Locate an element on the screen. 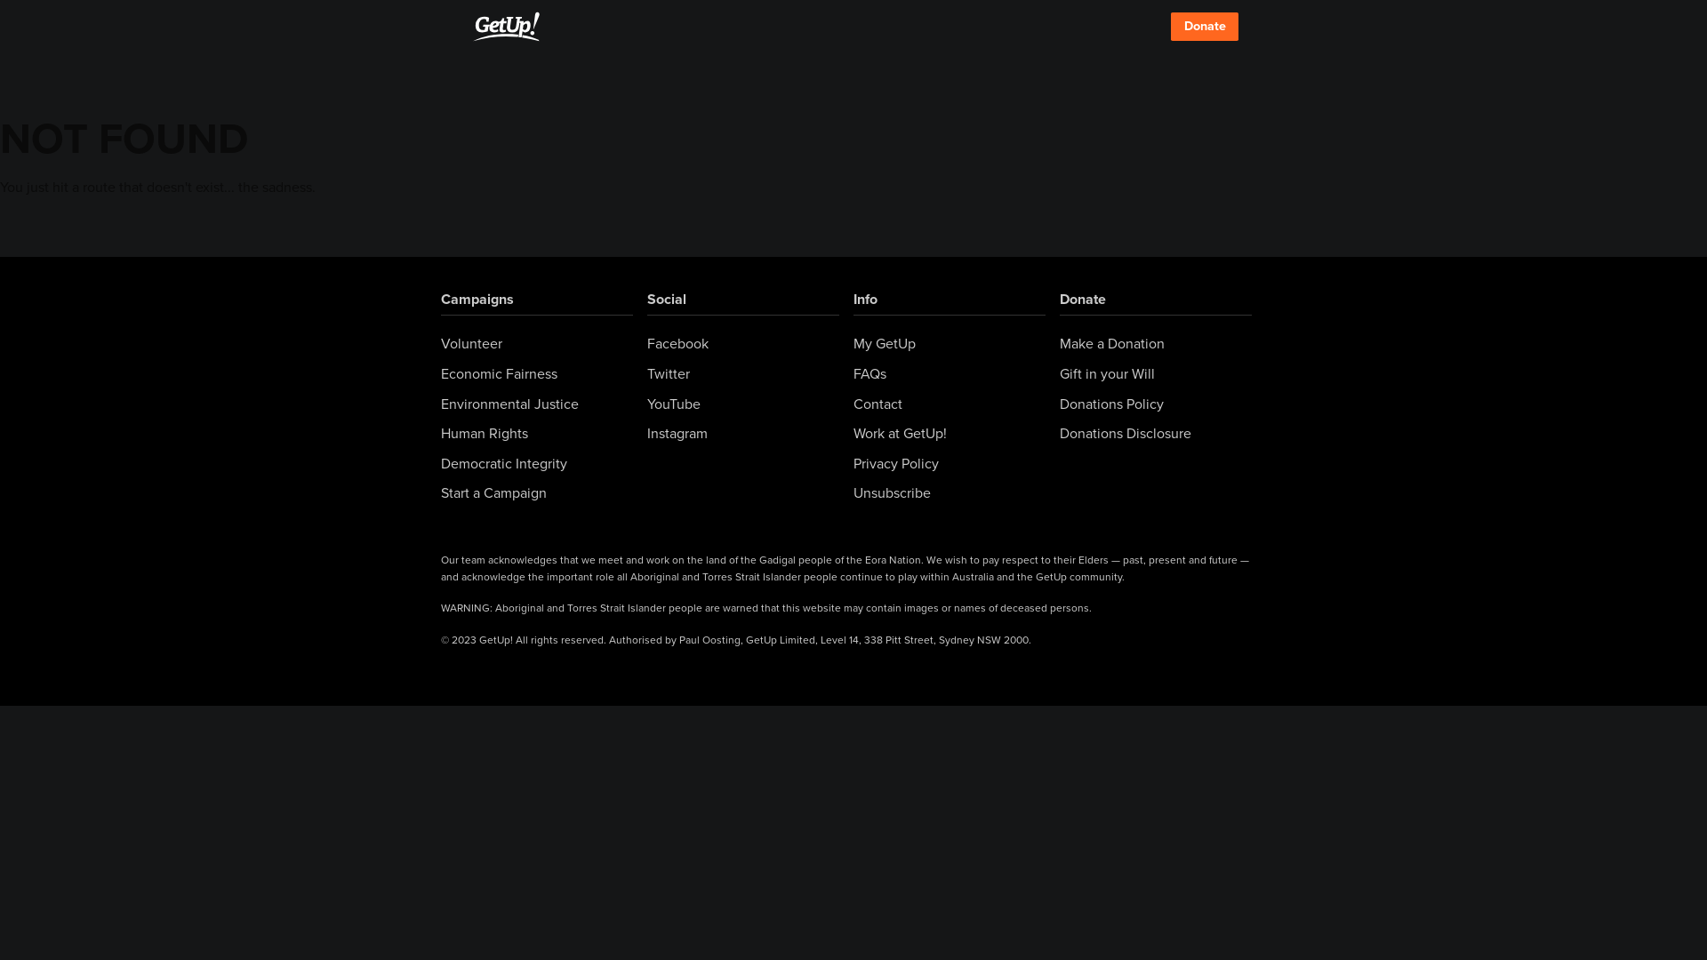 The width and height of the screenshot is (1707, 960). 'Environmental Justice' is located at coordinates (509, 404).